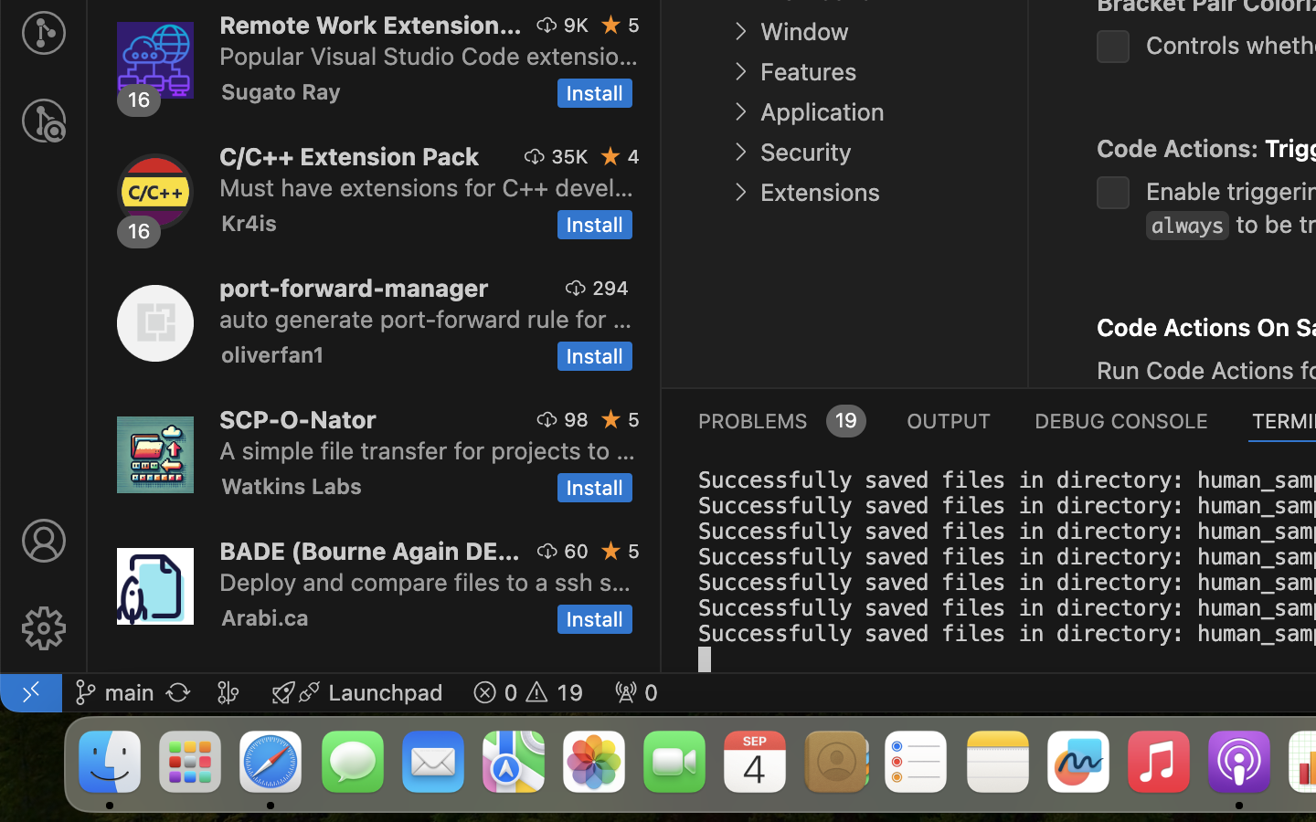  What do you see at coordinates (42, 121) in the screenshot?
I see `'0 '` at bounding box center [42, 121].